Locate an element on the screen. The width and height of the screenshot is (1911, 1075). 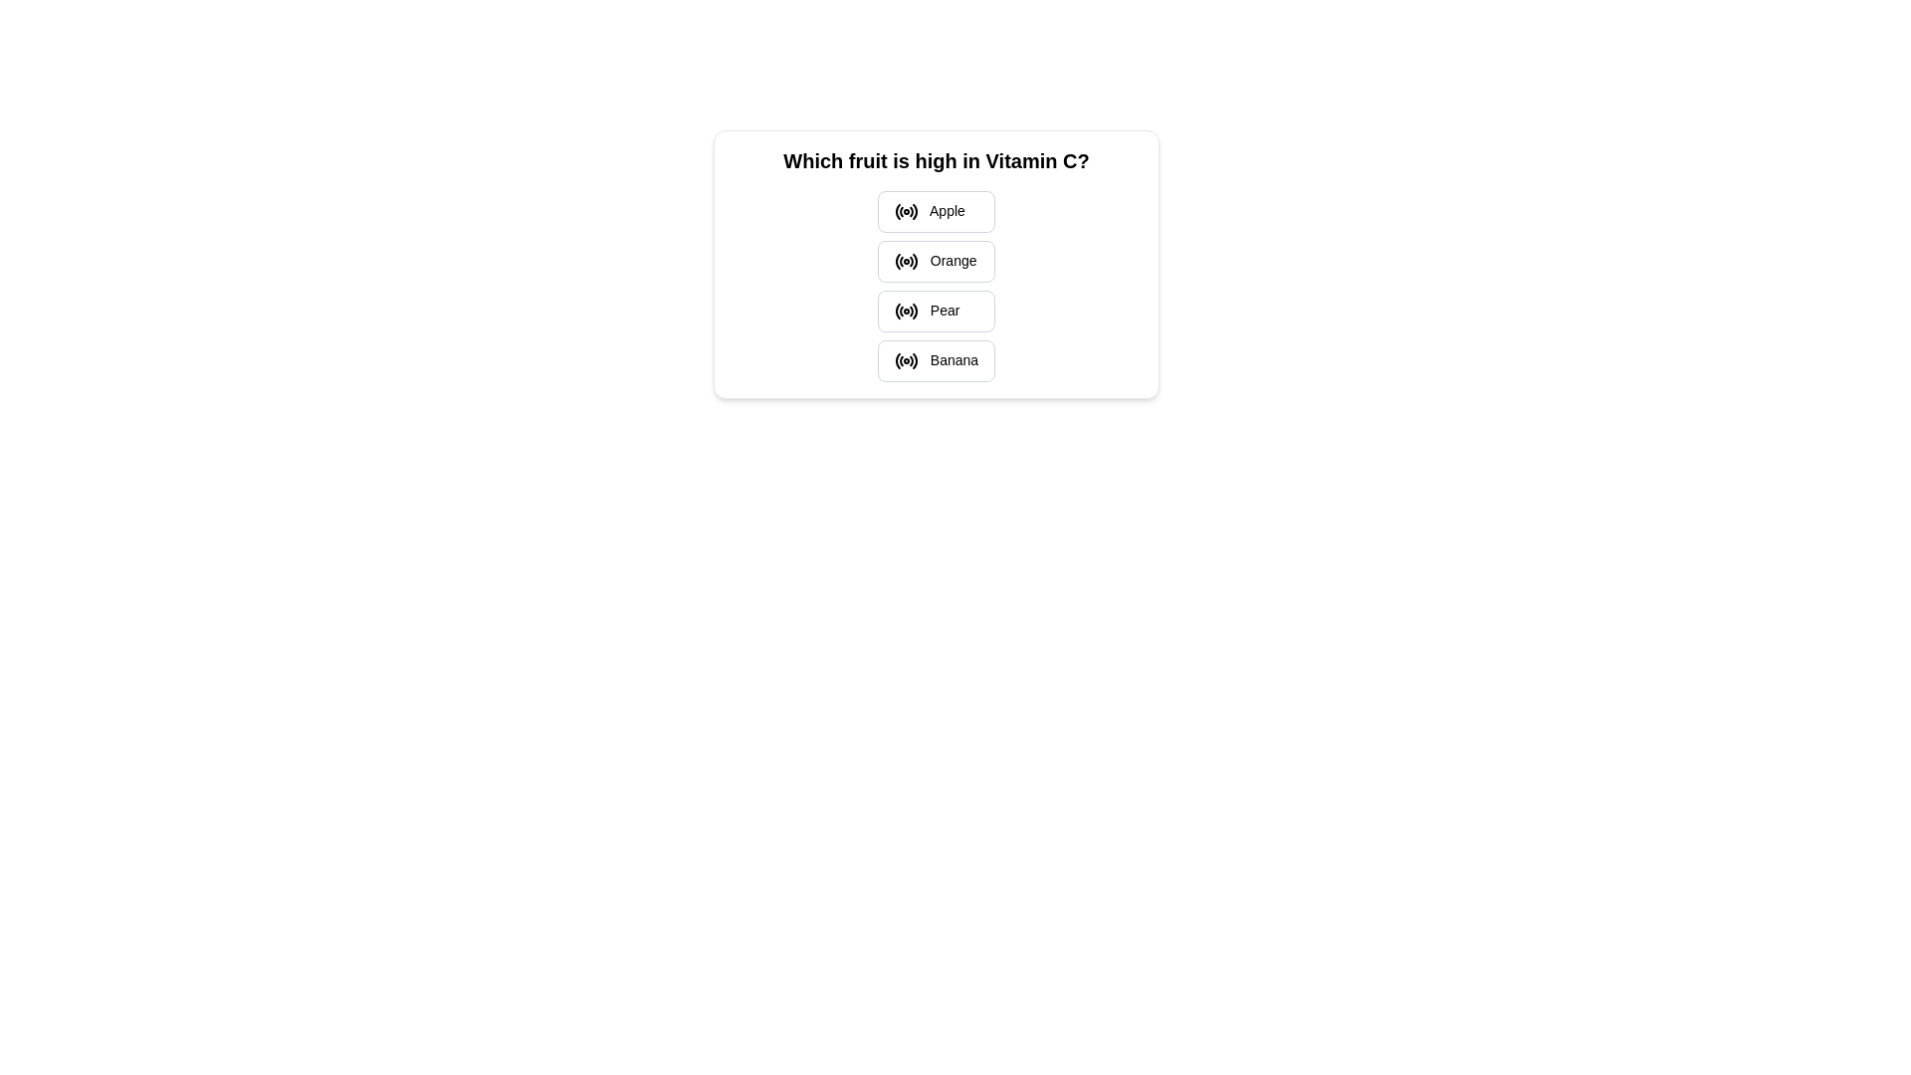
the 'Pear' radio button option is located at coordinates (935, 311).